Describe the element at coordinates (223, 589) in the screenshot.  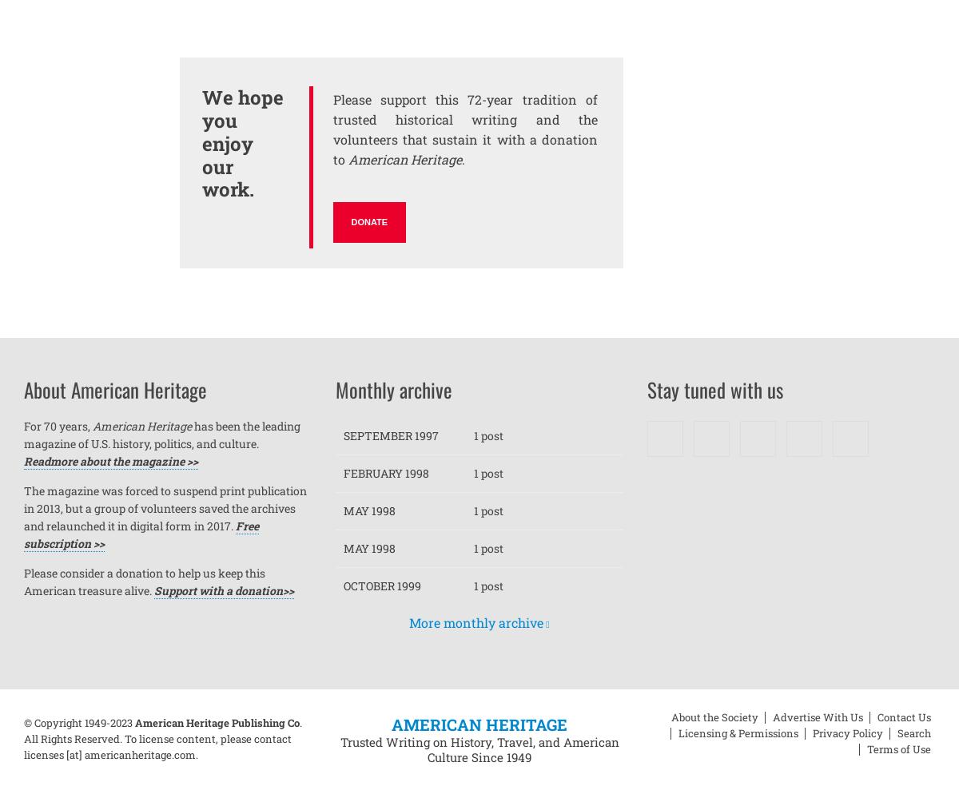
I see `'Support with a donation>>'` at that location.